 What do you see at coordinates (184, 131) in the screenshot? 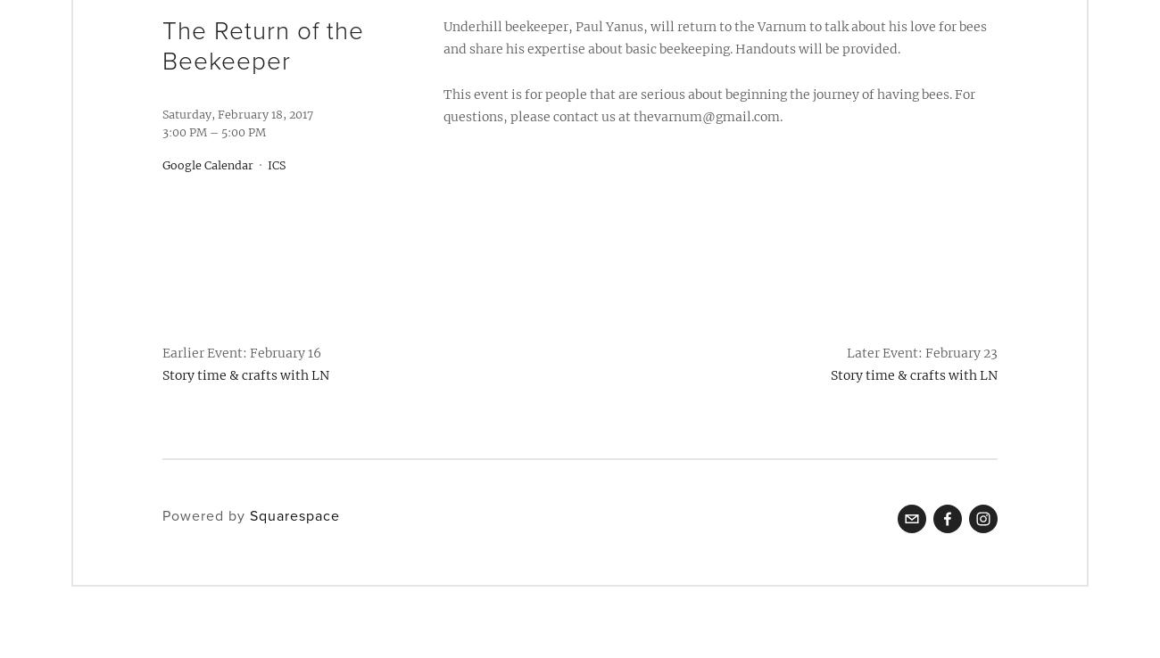
I see `'3:00 PM'` at bounding box center [184, 131].